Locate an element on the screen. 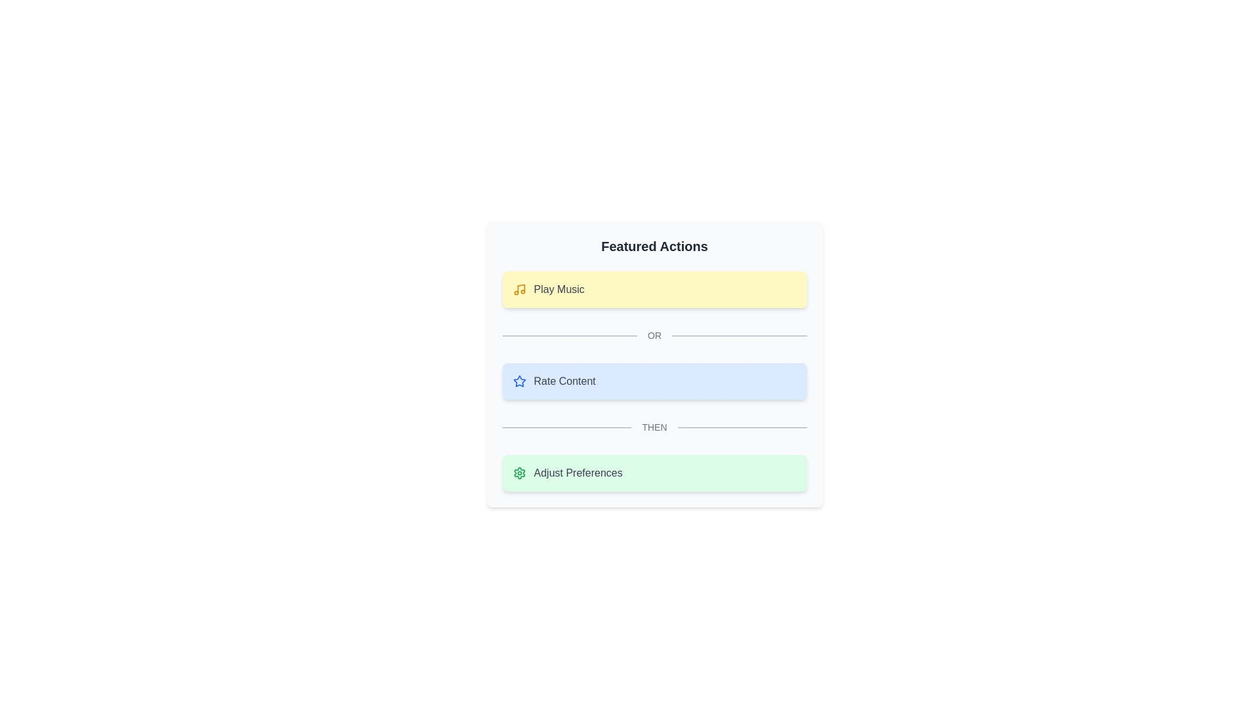 This screenshot has width=1260, height=708. the second Card item in the 'Featured Actions' section, which is related to rating content and is positioned between the 'Play Music' and 'Adjust Preferences' blocks is located at coordinates (654, 364).